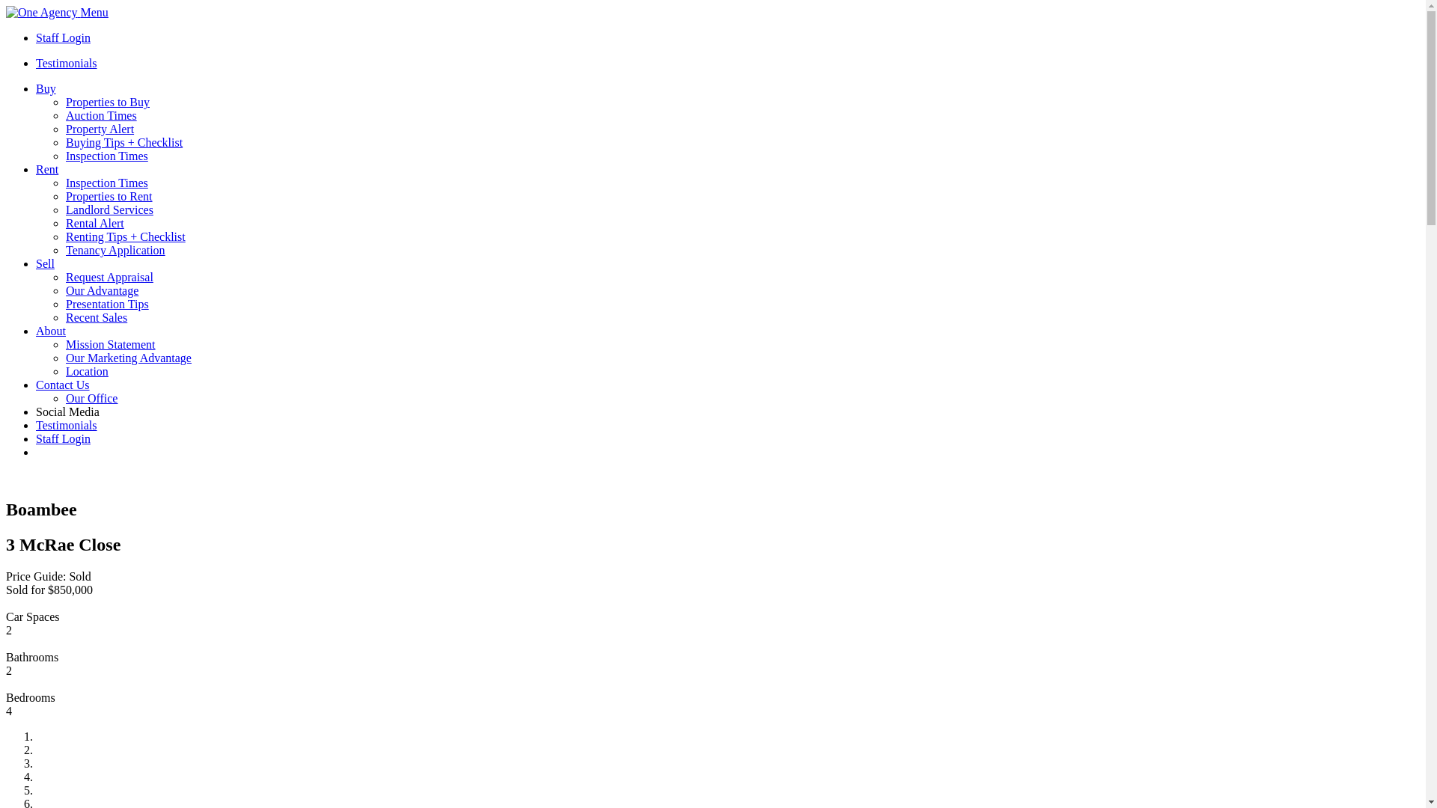 This screenshot has height=808, width=1437. Describe the element at coordinates (64, 195) in the screenshot. I see `'Properties to Rent'` at that location.